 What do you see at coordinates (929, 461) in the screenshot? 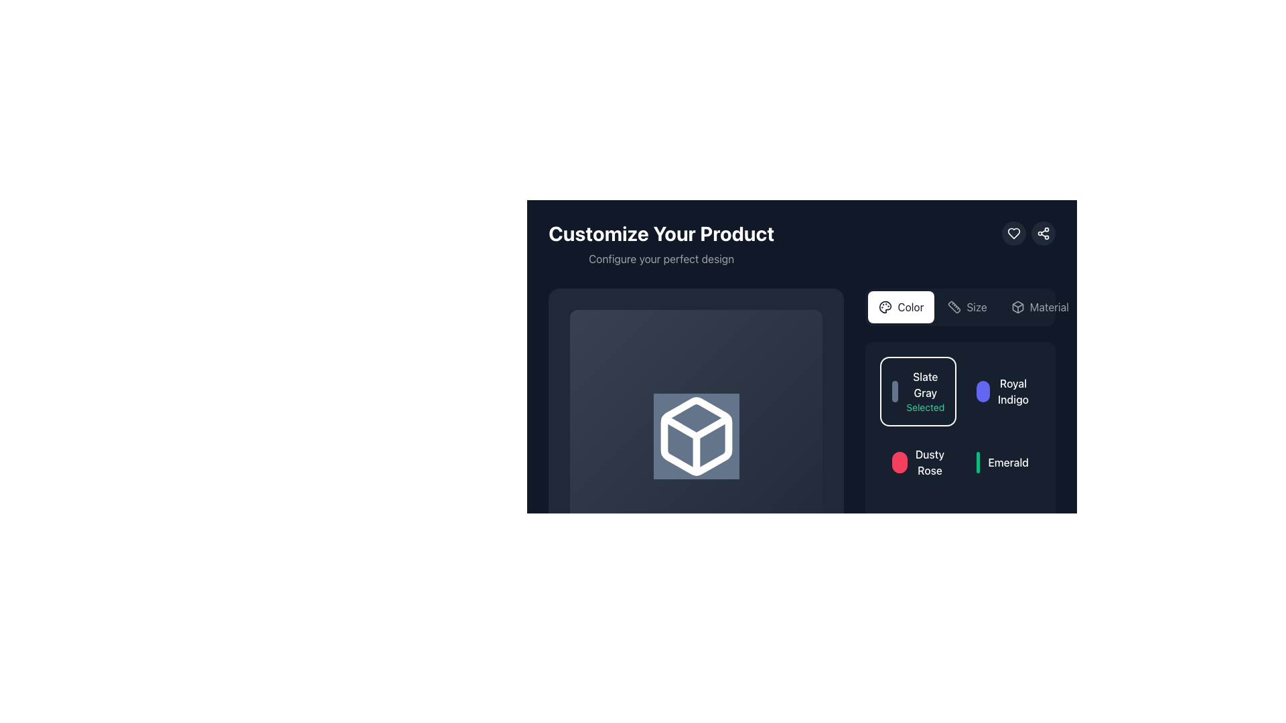
I see `the 'Dusty Rose' color option label, which is styled in a clear font on a dark background and positioned below 'Slate Gray' and adjacent to 'Royal Indigo' and 'Emerald'` at bounding box center [929, 461].